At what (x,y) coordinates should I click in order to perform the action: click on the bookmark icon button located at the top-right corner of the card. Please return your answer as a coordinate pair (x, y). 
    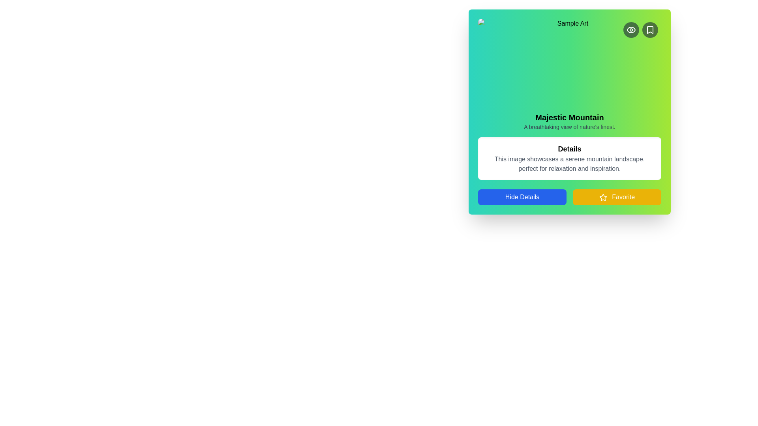
    Looking at the image, I should click on (650, 30).